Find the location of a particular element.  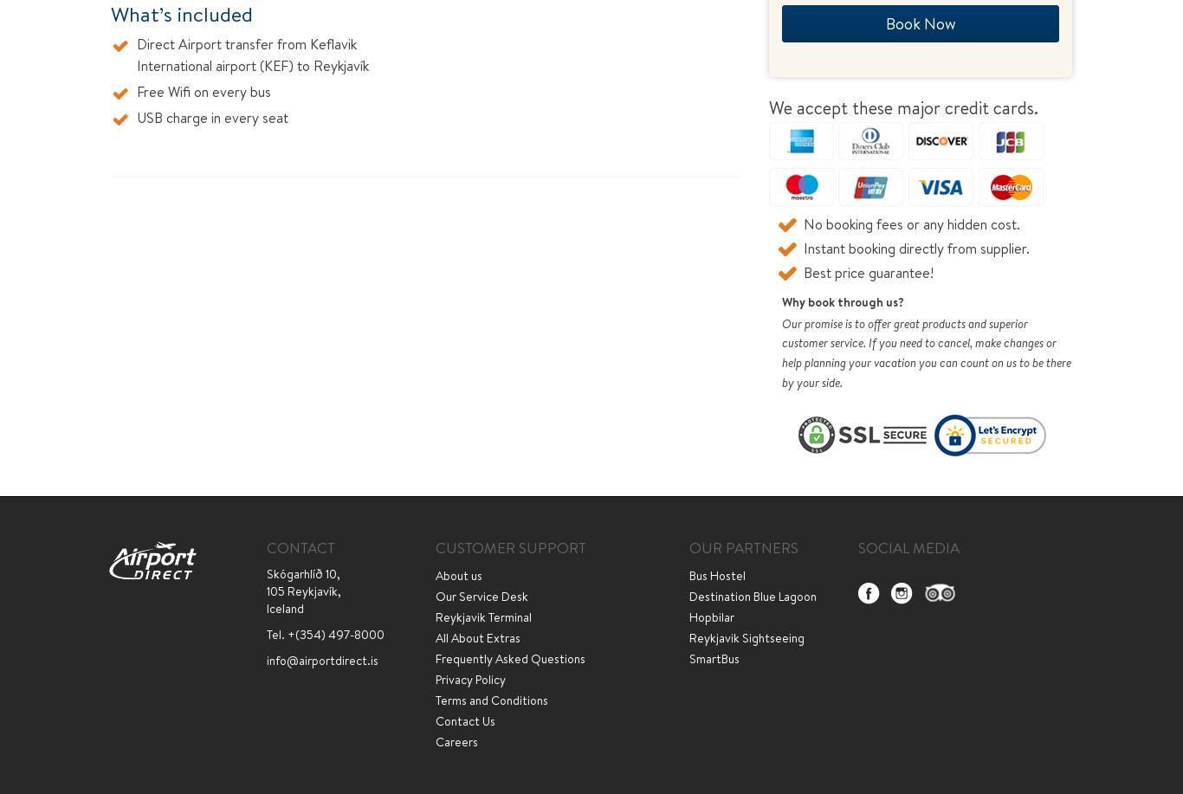

'Terms and Conditions' is located at coordinates (491, 699).